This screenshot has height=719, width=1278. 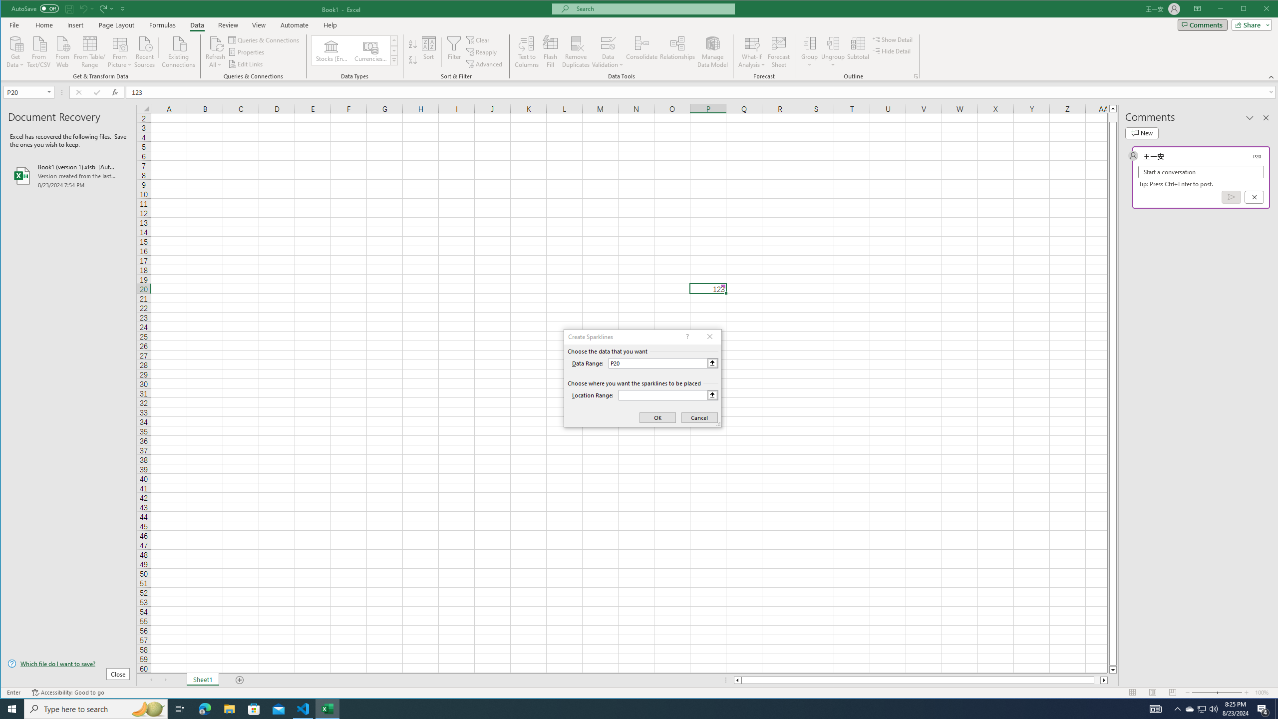 I want to click on 'Existing Connections', so click(x=179, y=51).